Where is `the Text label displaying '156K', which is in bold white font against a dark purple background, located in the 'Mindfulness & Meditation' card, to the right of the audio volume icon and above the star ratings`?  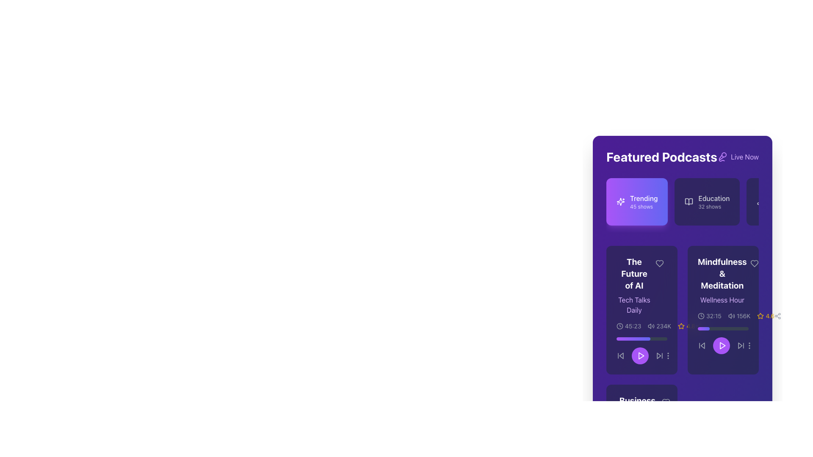 the Text label displaying '156K', which is in bold white font against a dark purple background, located in the 'Mindfulness & Meditation' card, to the right of the audio volume icon and above the star ratings is located at coordinates (743, 316).